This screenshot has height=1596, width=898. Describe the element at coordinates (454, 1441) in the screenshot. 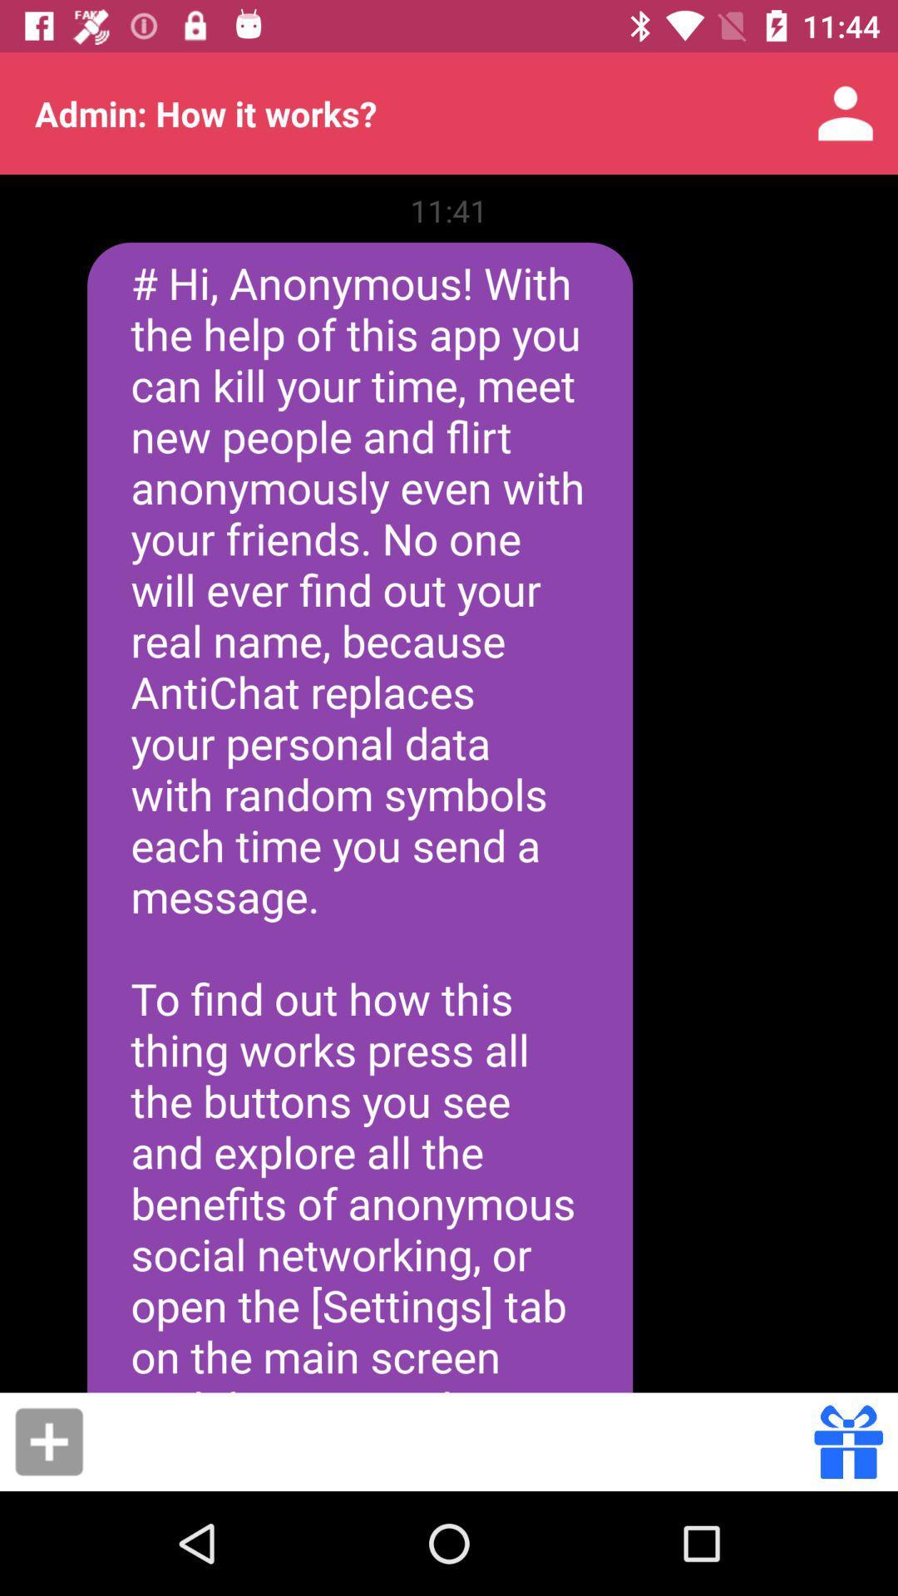

I see `icon below the hi anonymous with item` at that location.